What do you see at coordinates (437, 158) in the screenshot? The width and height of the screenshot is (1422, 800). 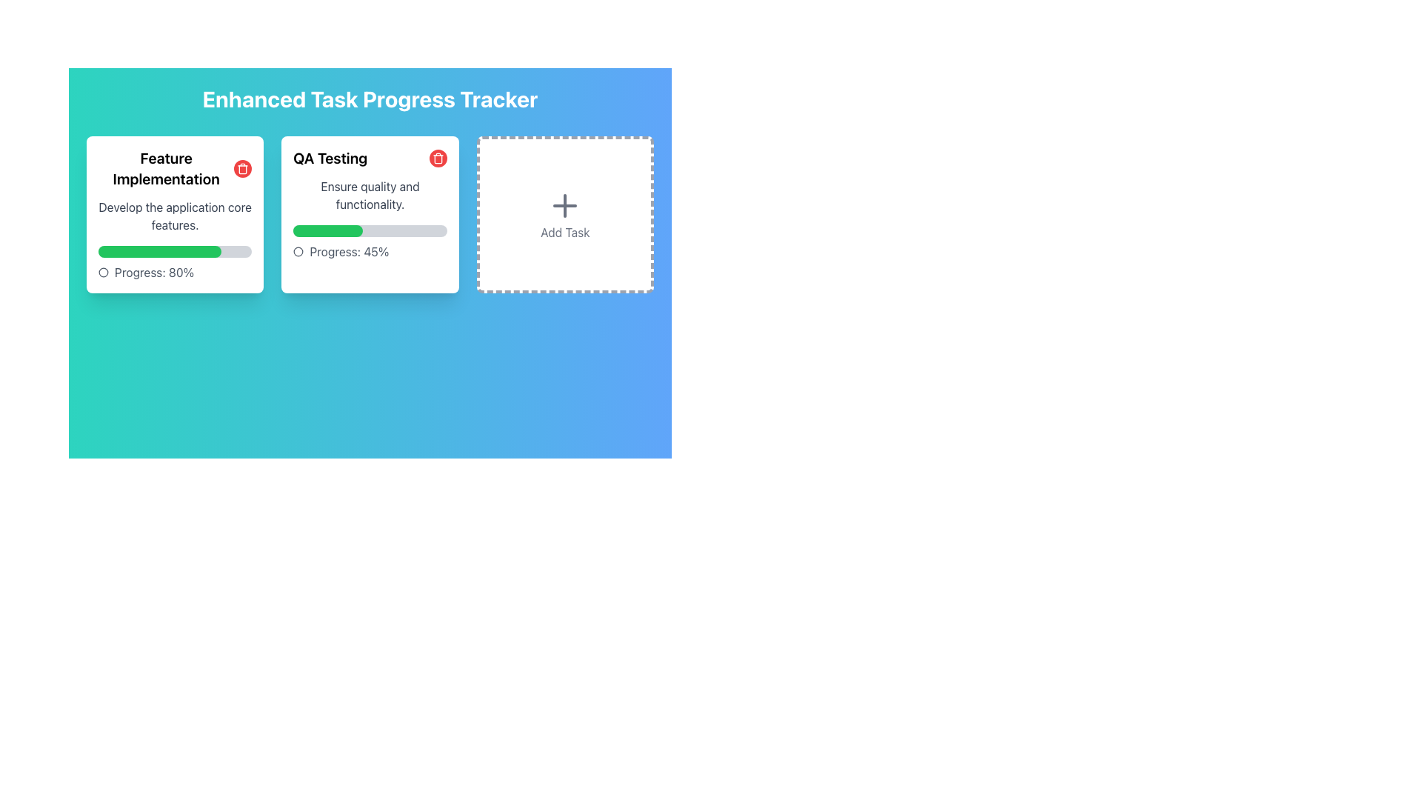 I see `the delete button in the top-right corner of the 'QA Testing' task card` at bounding box center [437, 158].